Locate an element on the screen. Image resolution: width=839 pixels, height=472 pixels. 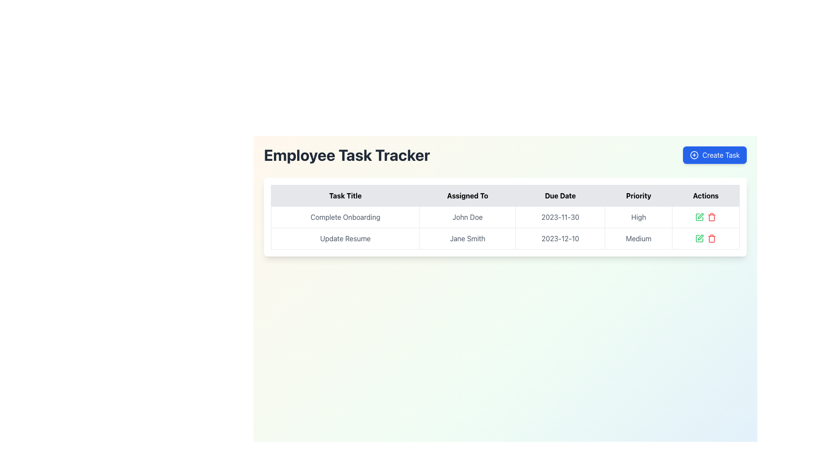
the trash can icon located in the Actions column of the second row of the task table is located at coordinates (712, 217).